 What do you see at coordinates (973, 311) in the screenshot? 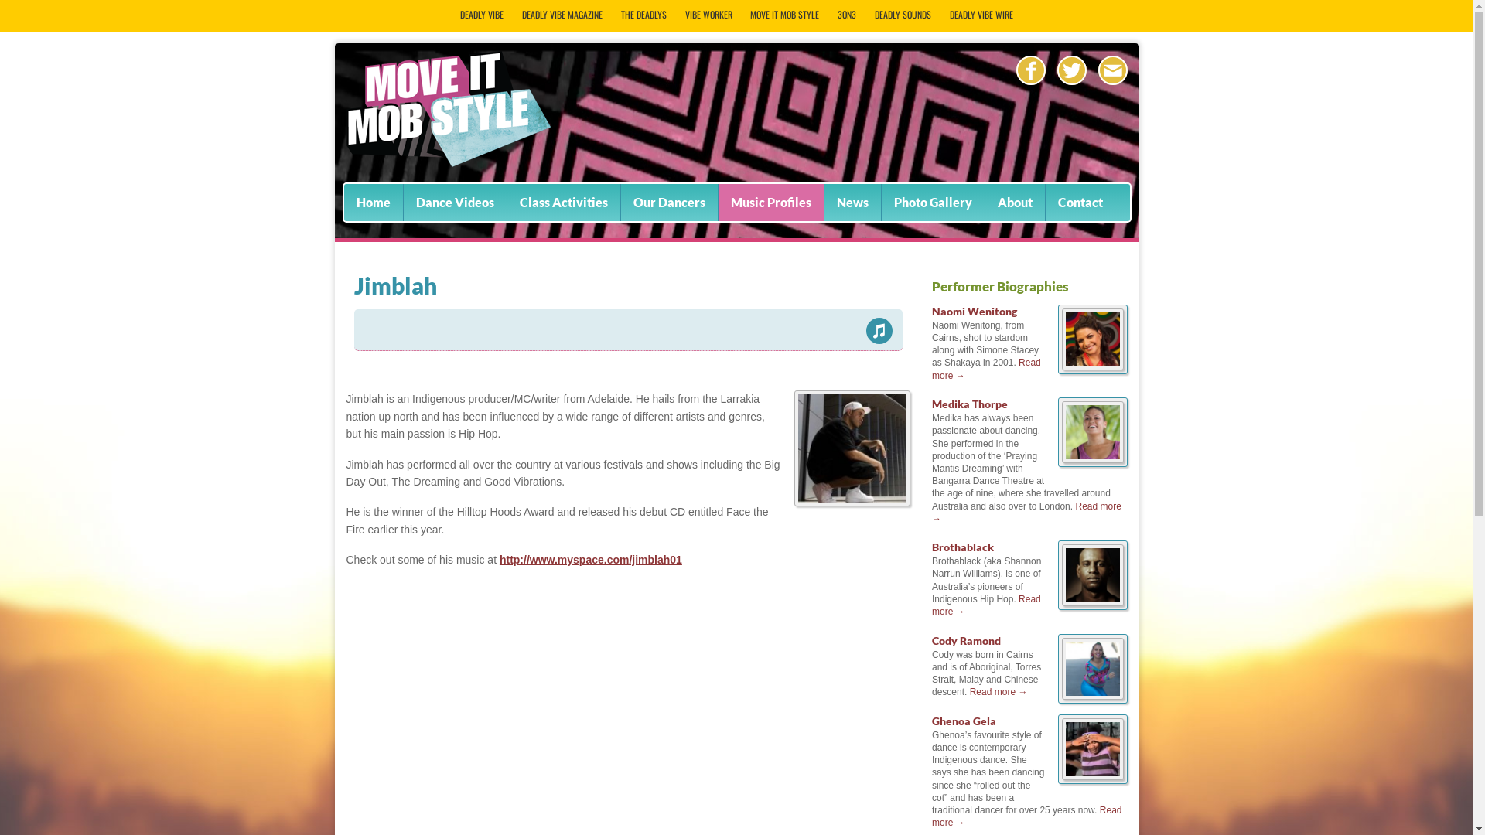
I see `'Naomi Wenitong'` at bounding box center [973, 311].